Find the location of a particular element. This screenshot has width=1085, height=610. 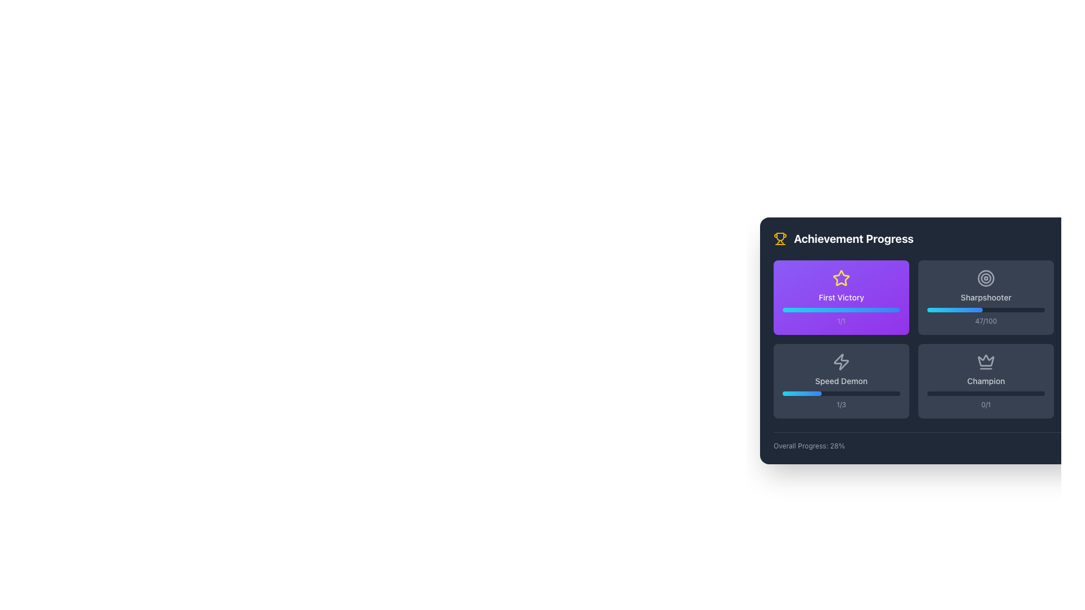

the star-shaped icon with vibrant yellow edges, located centrally in a purple background rectangle above the 'First Victory' text, to interact with the achievement is located at coordinates (841, 278).